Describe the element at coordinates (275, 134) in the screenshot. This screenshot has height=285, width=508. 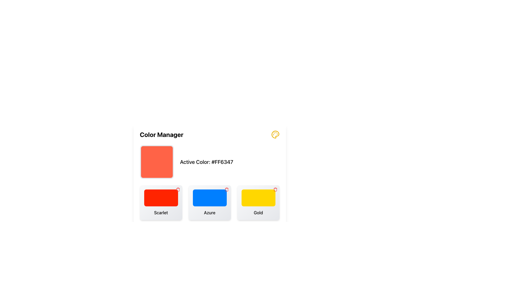
I see `the circular palette icon located in the top-right corner of the interface, which has smaller circles representing paint slots and a distinctive yellow color` at that location.